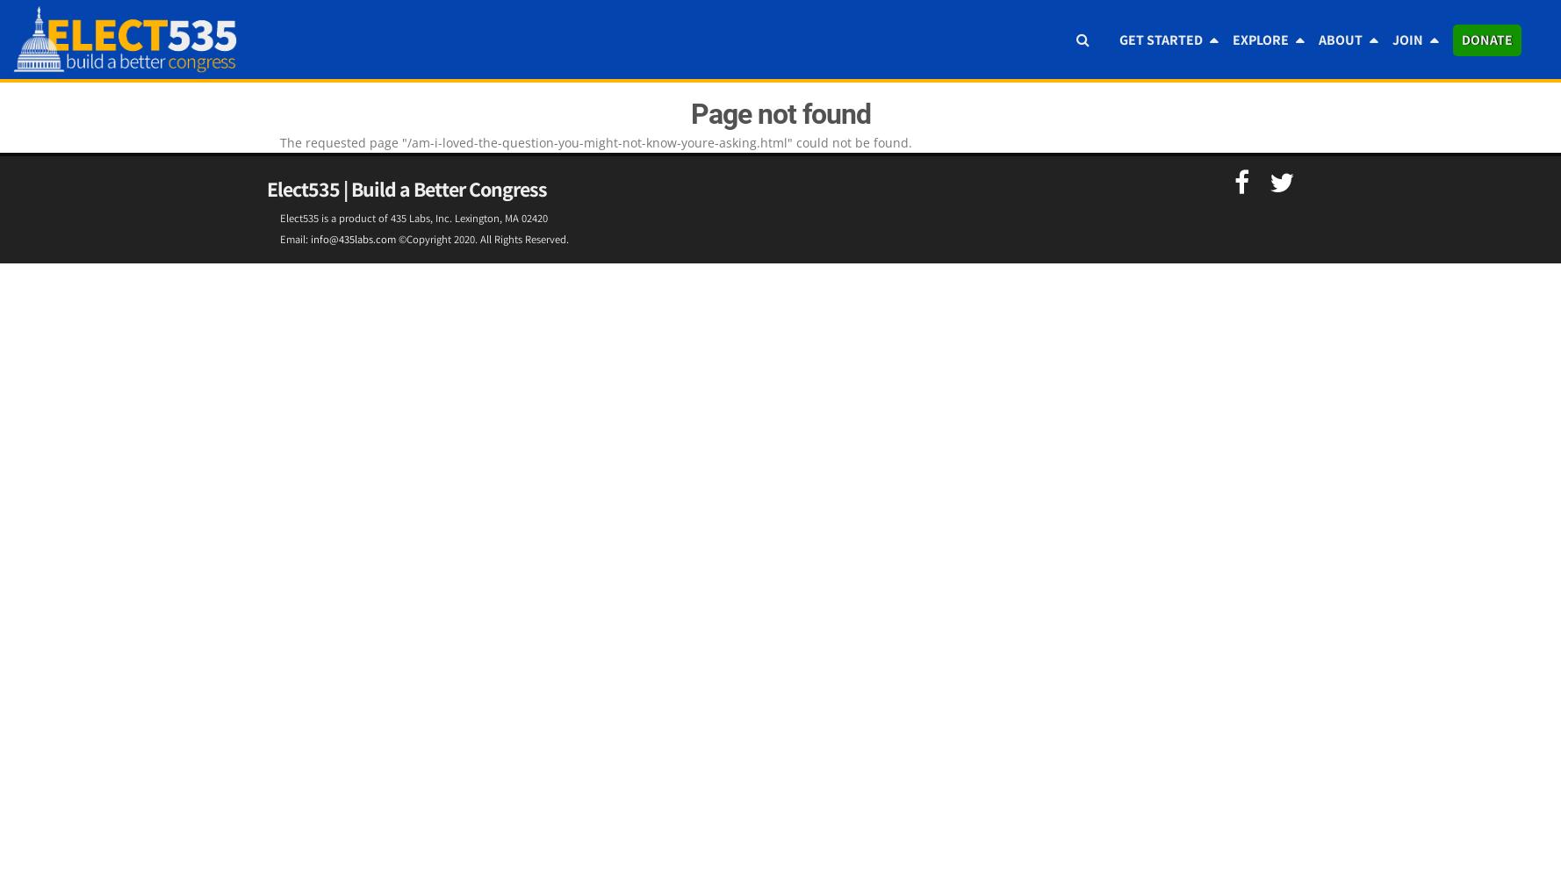 This screenshot has width=1561, height=878. What do you see at coordinates (482, 239) in the screenshot?
I see `'©Copyright 2020. All Rights Reserved.'` at bounding box center [482, 239].